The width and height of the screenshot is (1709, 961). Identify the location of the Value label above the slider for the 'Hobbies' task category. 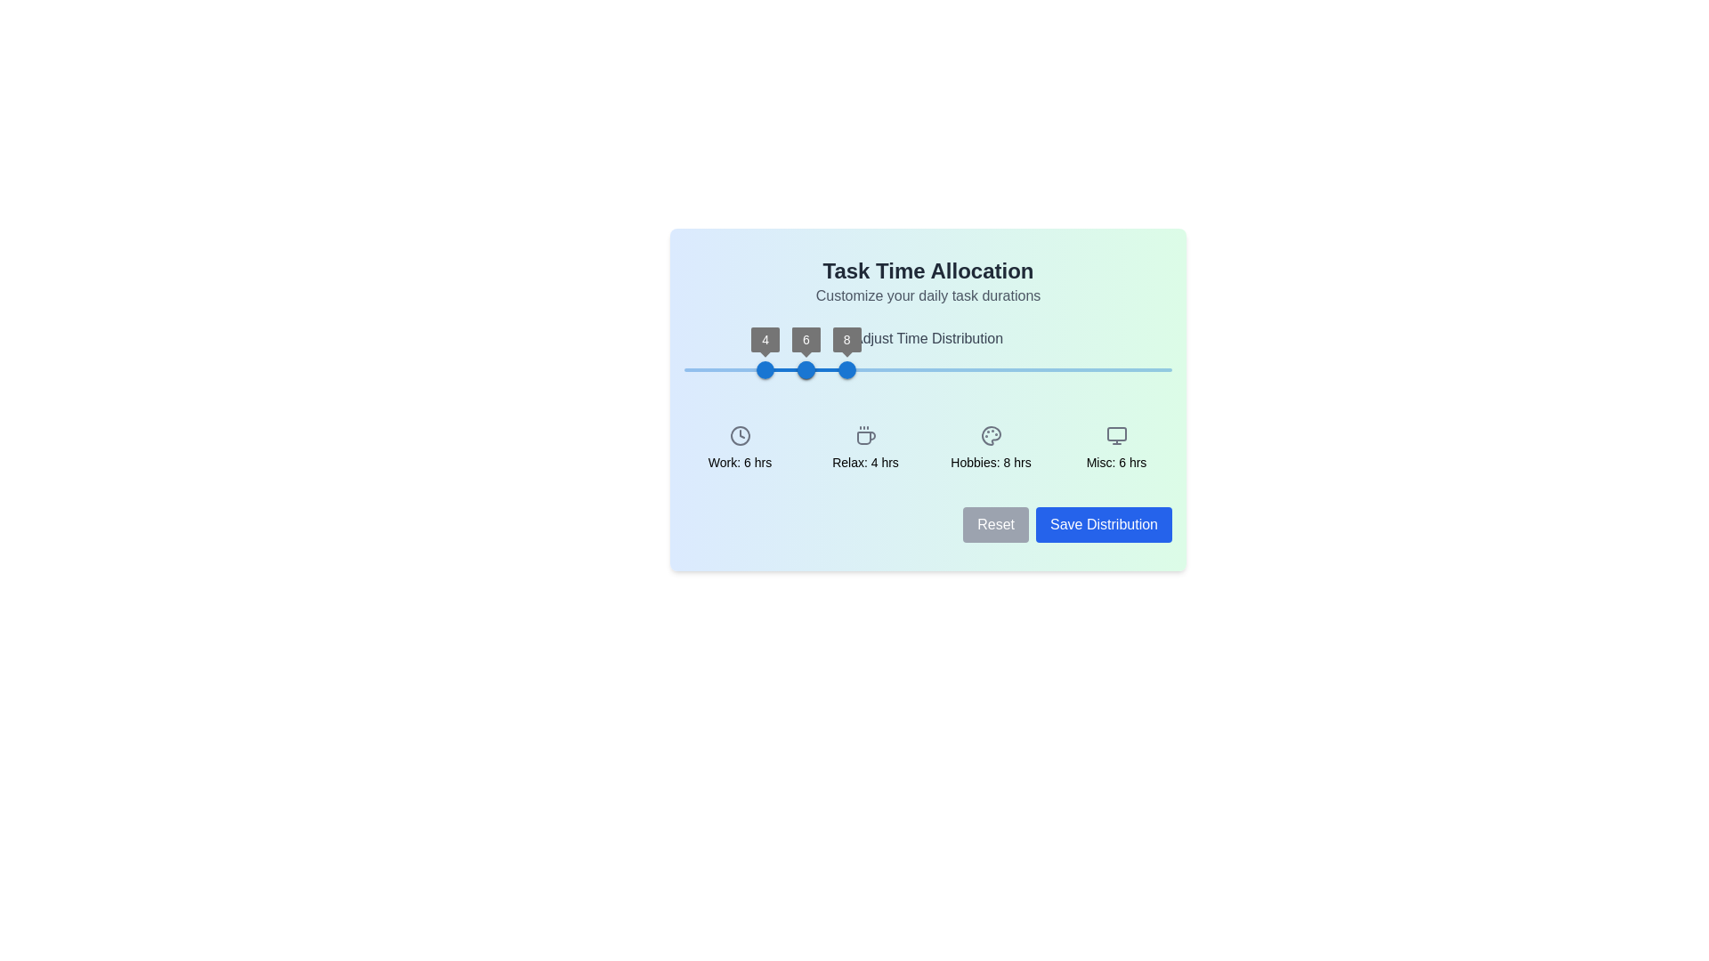
(846, 339).